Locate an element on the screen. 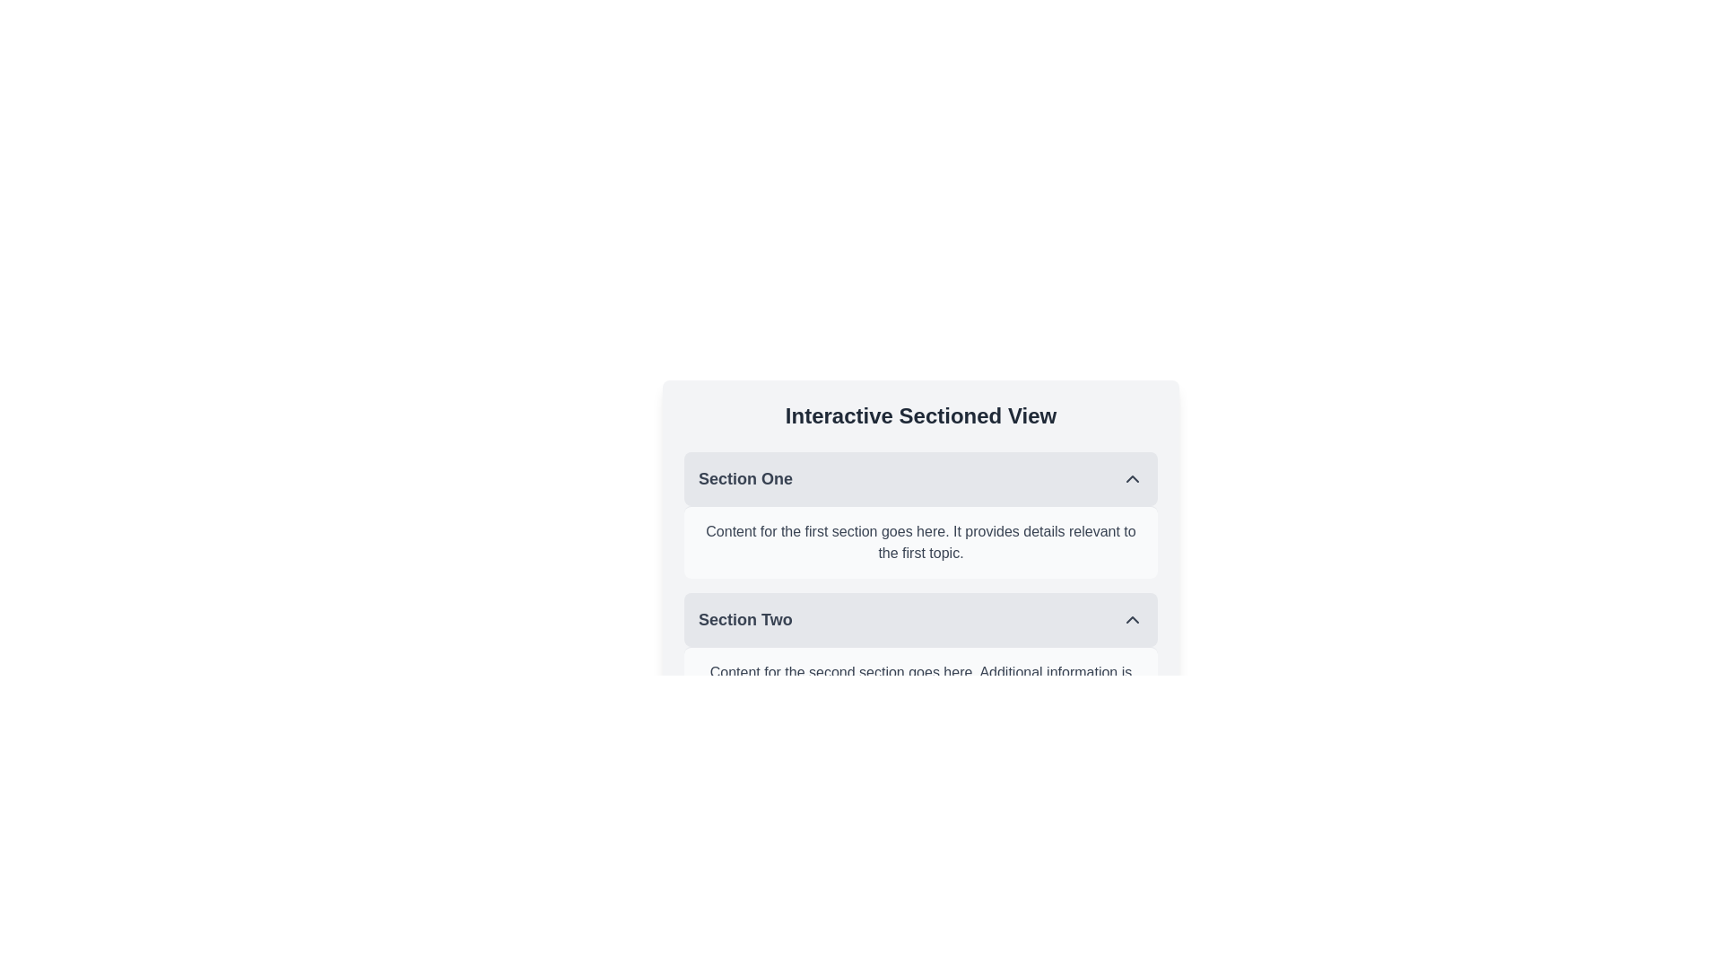 The width and height of the screenshot is (1722, 969). text of the bold, centered heading that says 'Interactive Sectioned View', which is styled in dark gray against a light gray background is located at coordinates (921, 415).